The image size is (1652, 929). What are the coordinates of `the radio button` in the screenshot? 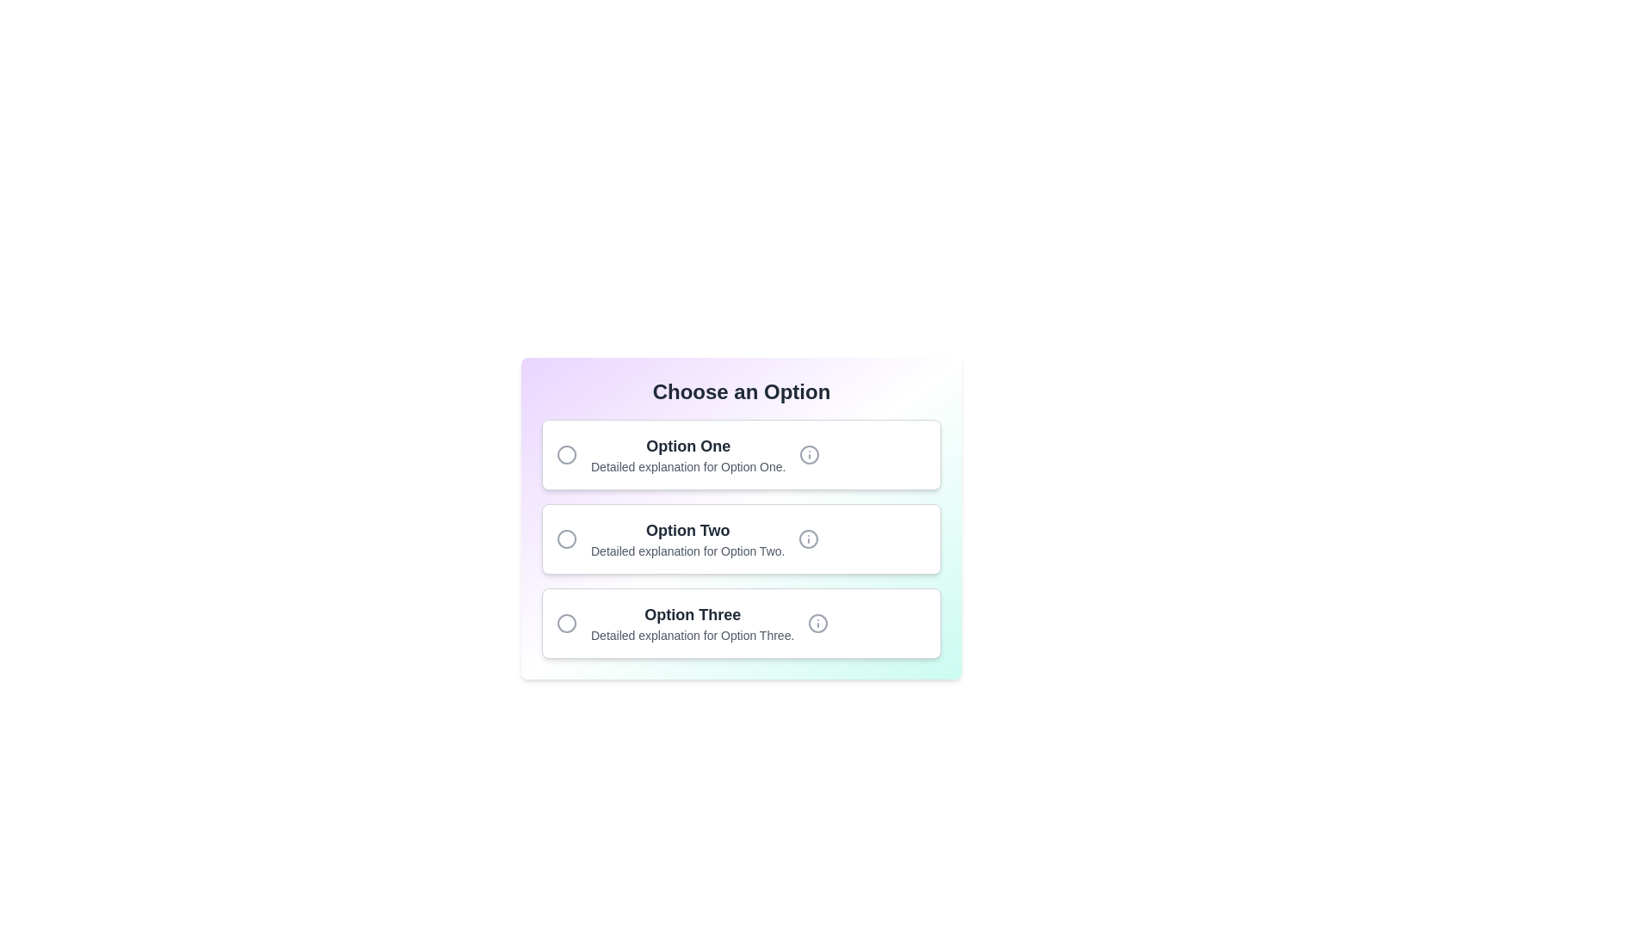 It's located at (742, 624).